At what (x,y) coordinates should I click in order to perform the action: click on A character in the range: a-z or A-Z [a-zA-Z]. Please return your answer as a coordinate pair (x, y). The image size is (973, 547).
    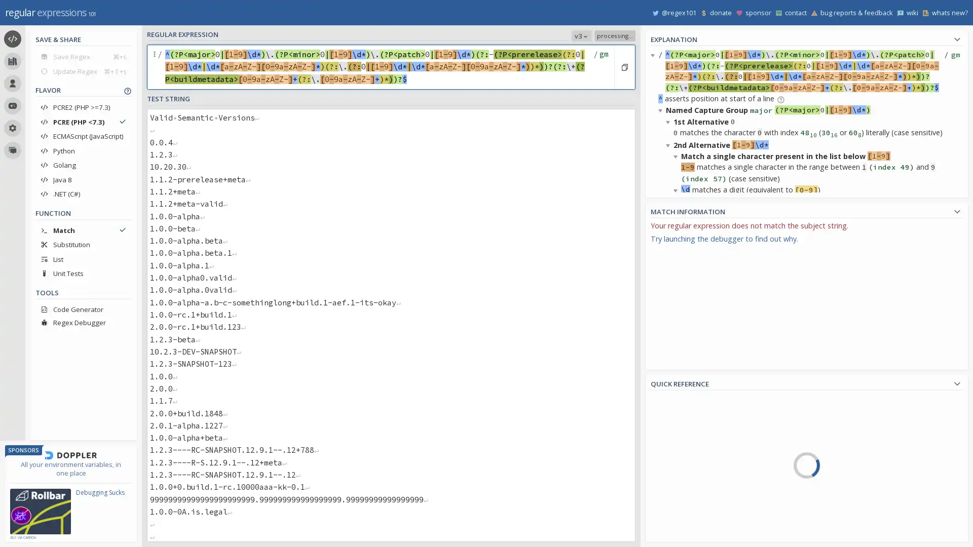
    Looking at the image, I should click on (857, 459).